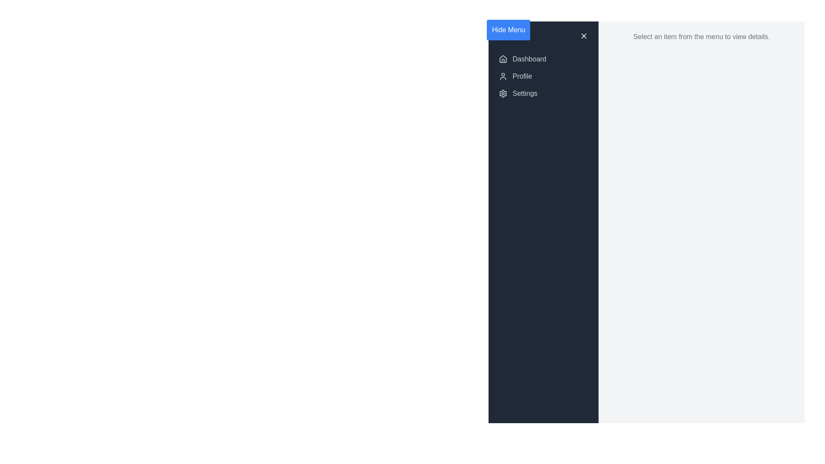 This screenshot has height=464, width=825. I want to click on the user silhouette icon located to the left of the 'Profile' text in the navigation menu, positioned above the 'Settings' item and below the 'Dashboard' item, so click(503, 76).